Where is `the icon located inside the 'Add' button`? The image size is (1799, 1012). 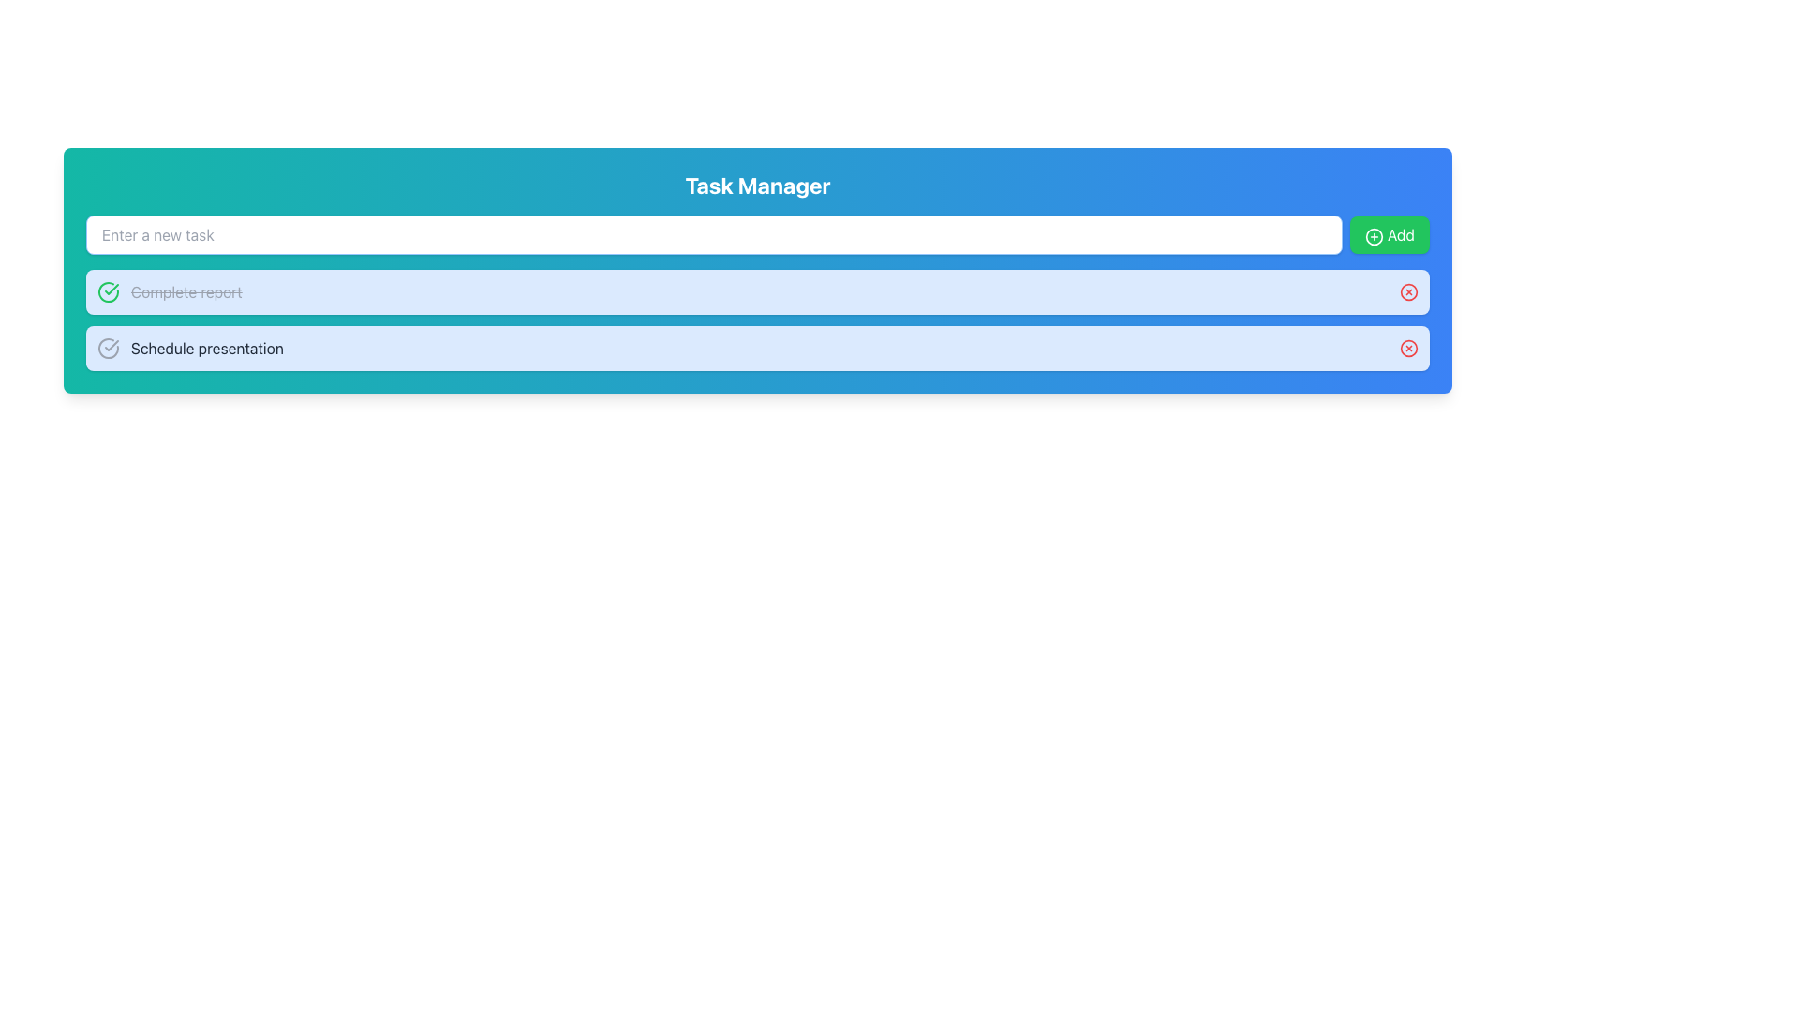
the icon located inside the 'Add' button is located at coordinates (1374, 235).